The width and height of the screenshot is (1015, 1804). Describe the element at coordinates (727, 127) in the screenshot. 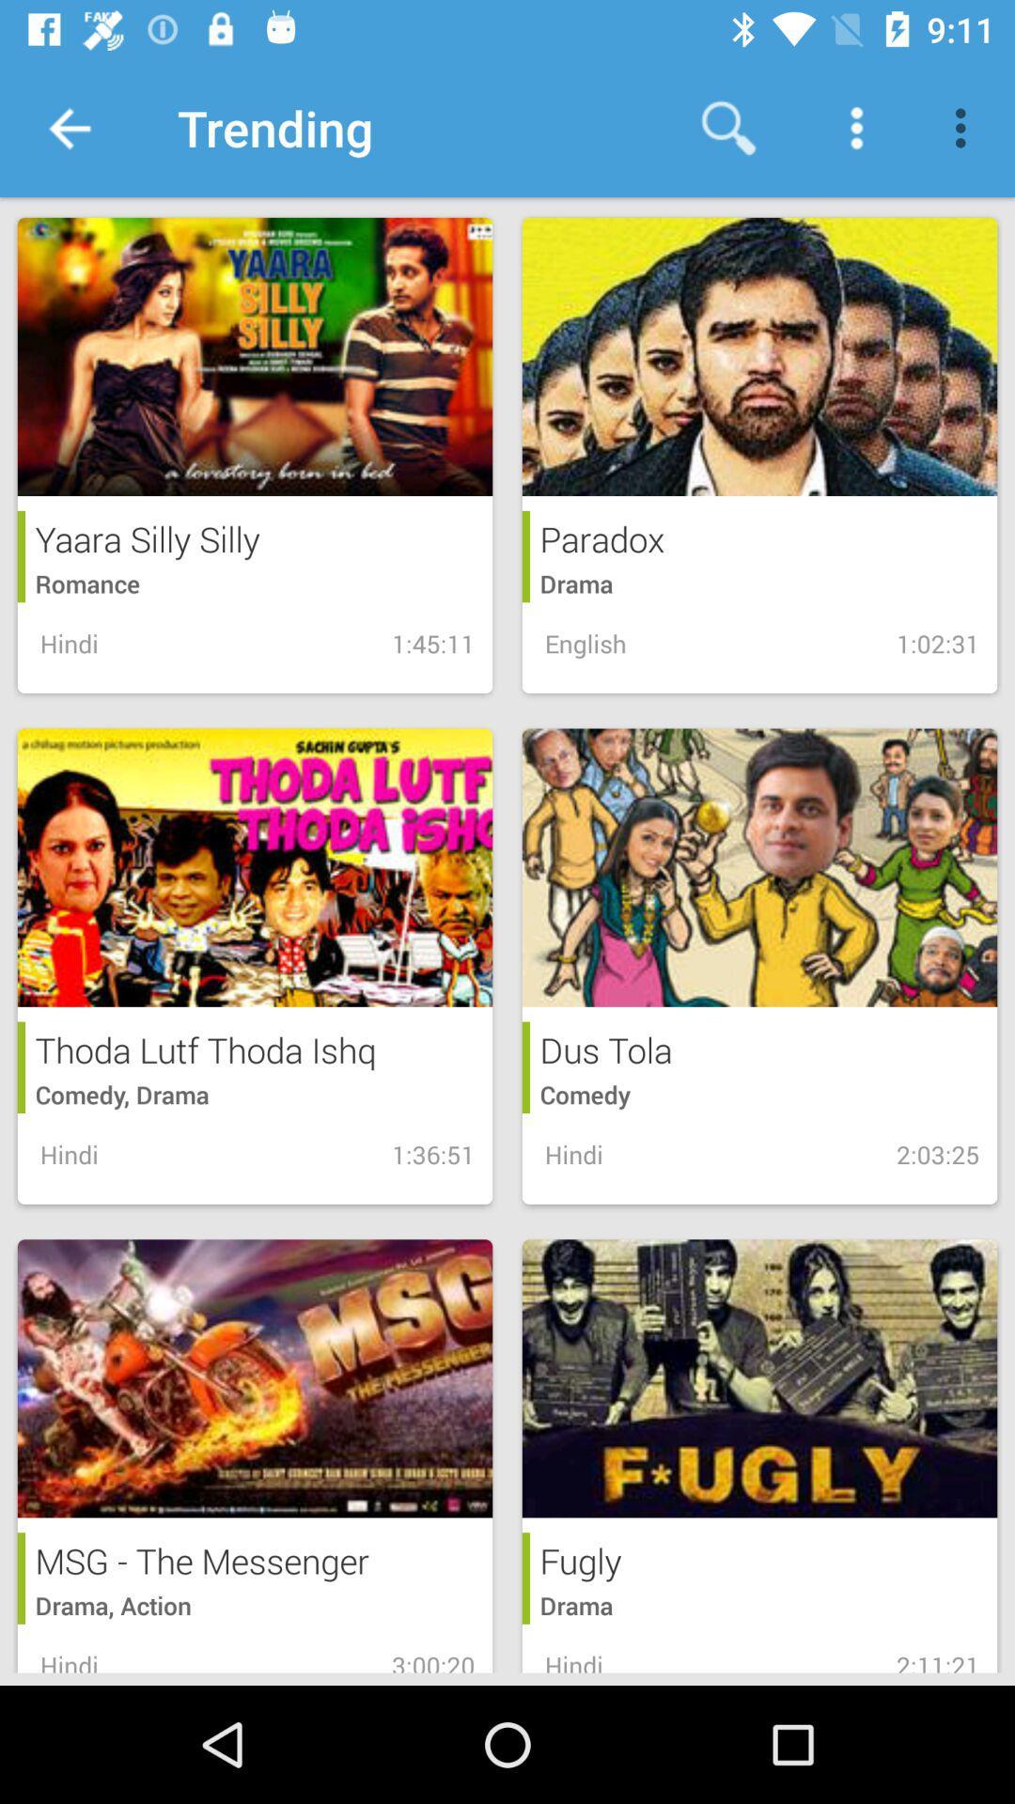

I see `icon next to the trending` at that location.